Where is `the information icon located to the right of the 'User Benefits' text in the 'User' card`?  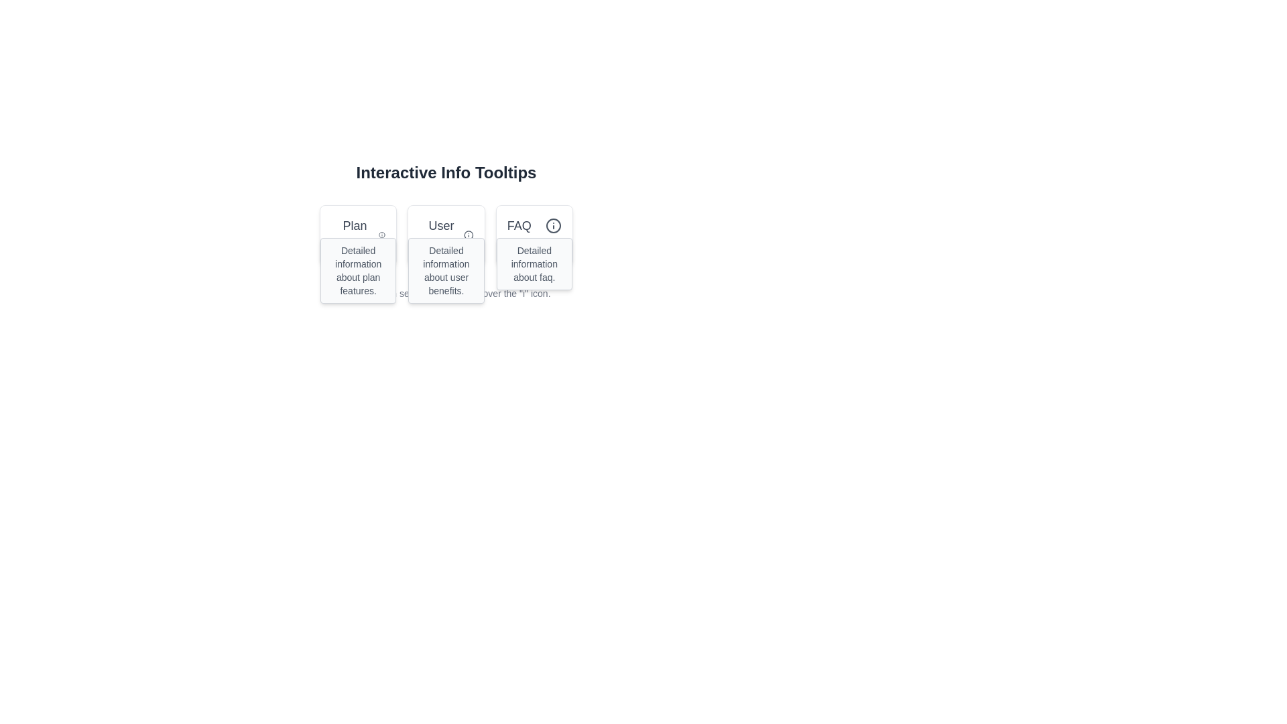
the information icon located to the right of the 'User Benefits' text in the 'User' card is located at coordinates (469, 235).